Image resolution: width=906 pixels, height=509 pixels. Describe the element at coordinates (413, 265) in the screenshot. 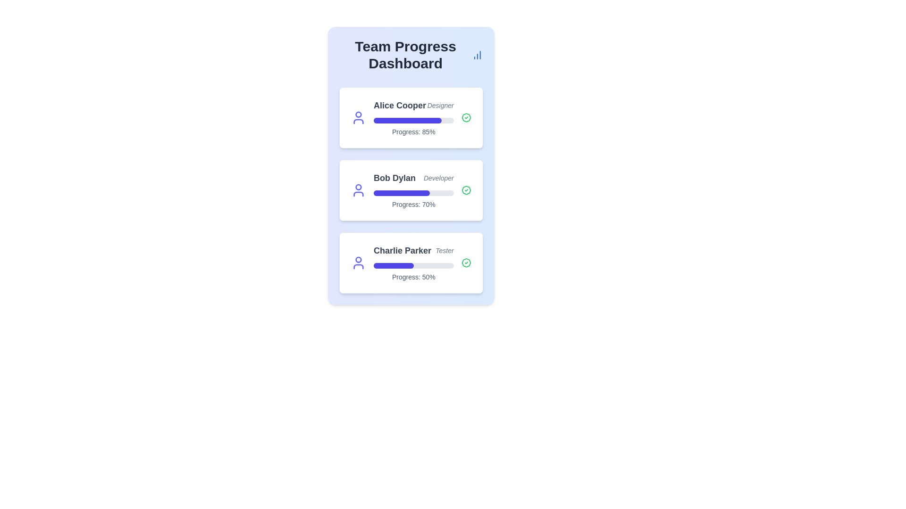

I see `the progress bar representing 50% progress for user 'Charlie Parker', located below the name and title and above the text 'Progress: 50%'` at that location.